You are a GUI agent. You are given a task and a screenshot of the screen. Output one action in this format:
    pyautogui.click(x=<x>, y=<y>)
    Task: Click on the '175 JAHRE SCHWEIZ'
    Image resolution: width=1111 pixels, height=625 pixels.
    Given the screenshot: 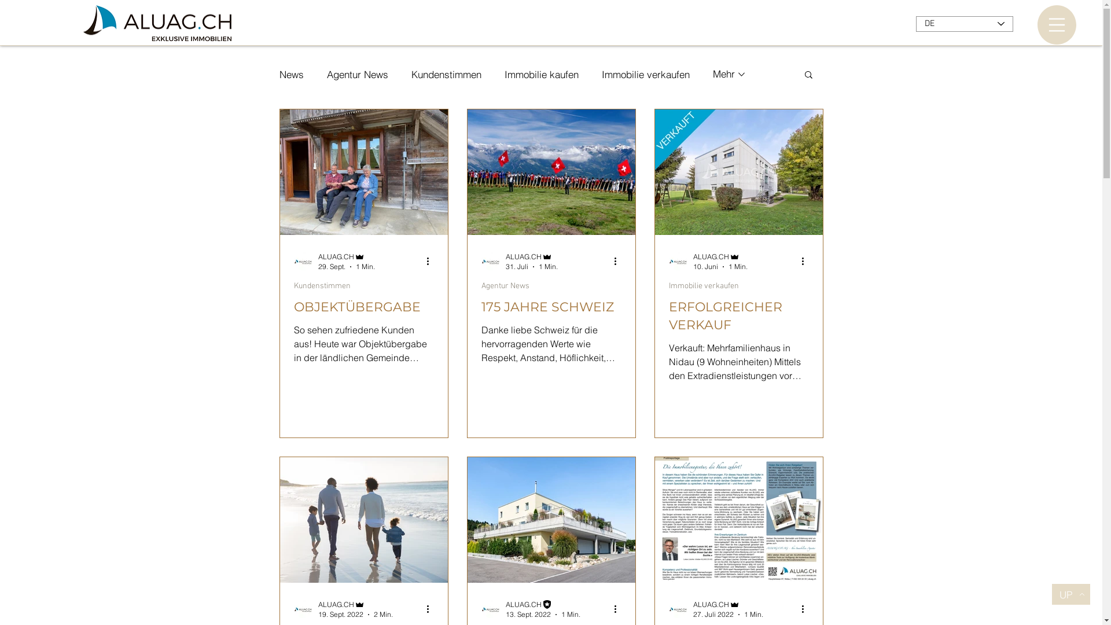 What is the action you would take?
    pyautogui.click(x=481, y=307)
    